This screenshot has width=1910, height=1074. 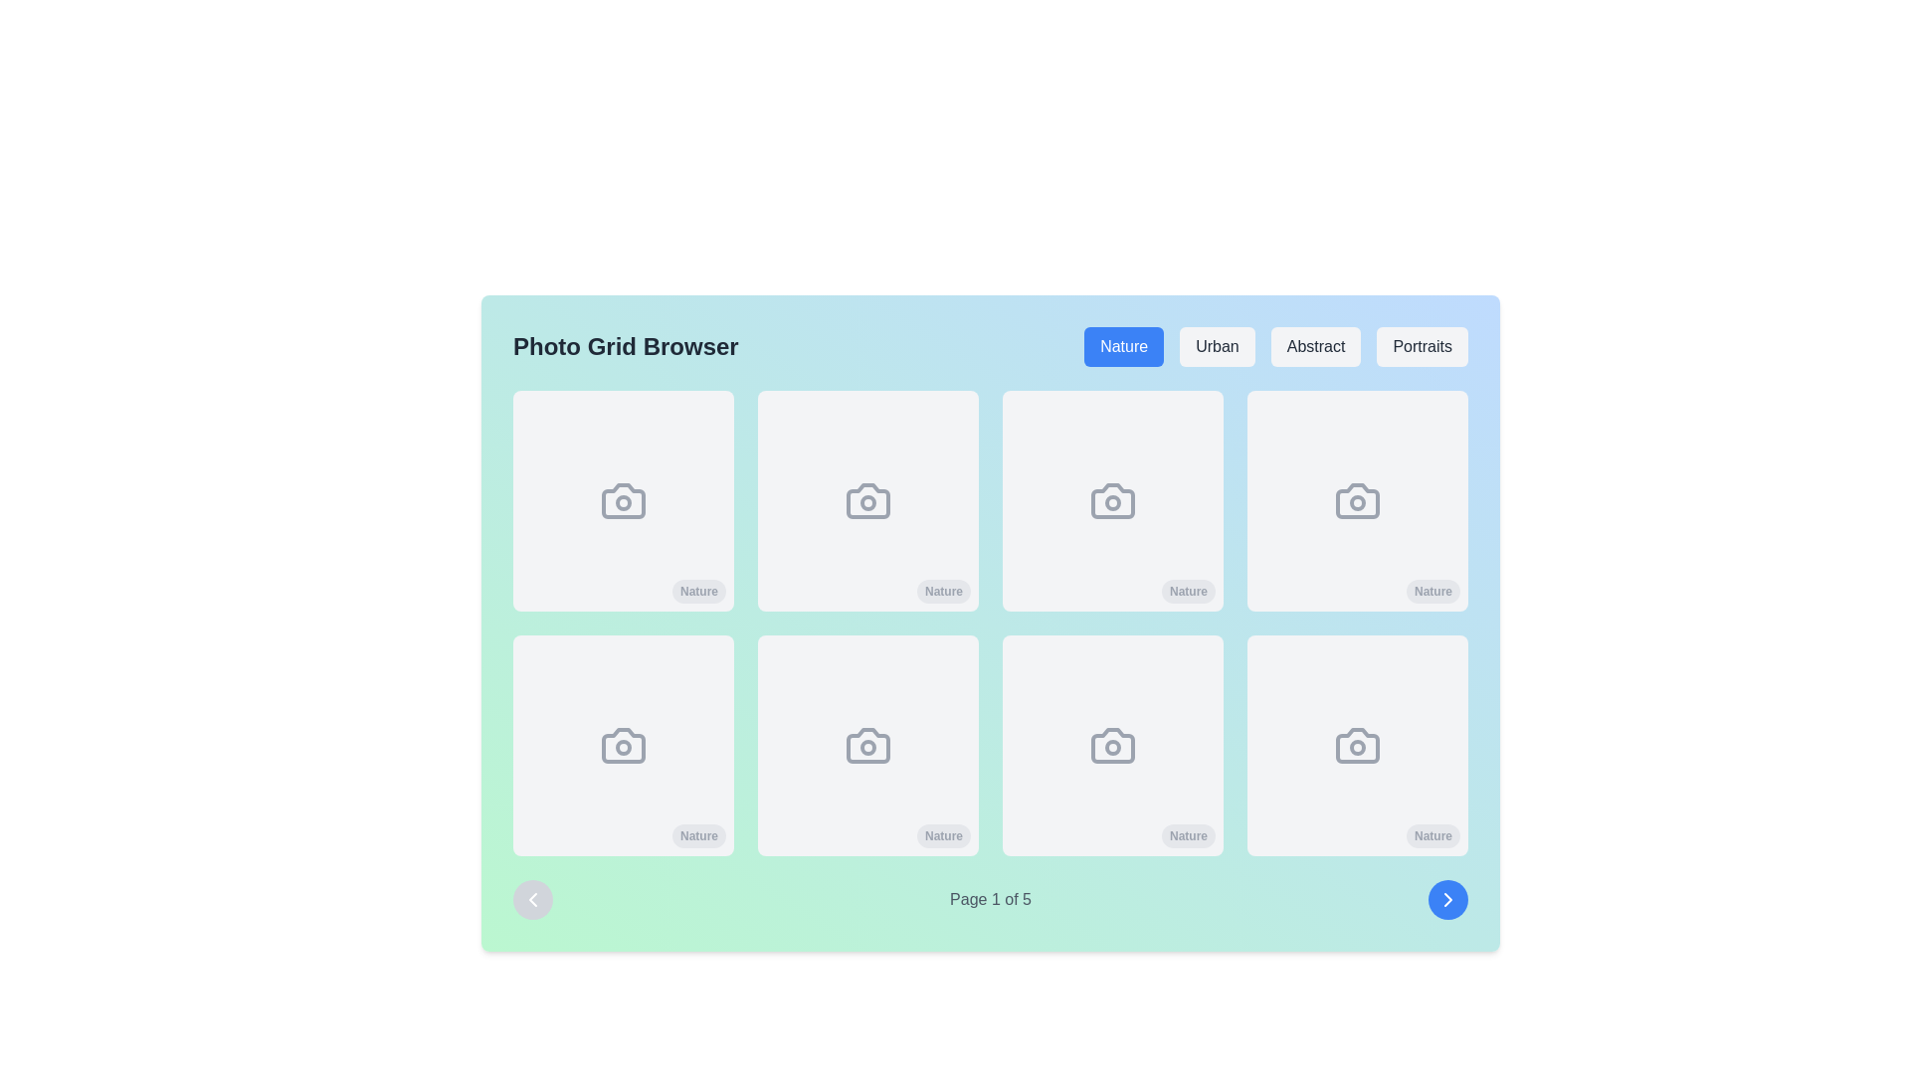 What do you see at coordinates (623, 500) in the screenshot?
I see `the stylized camera icon, which is located on the first position in the second row of a 3x3 grid layout, centered on its respective white card` at bounding box center [623, 500].